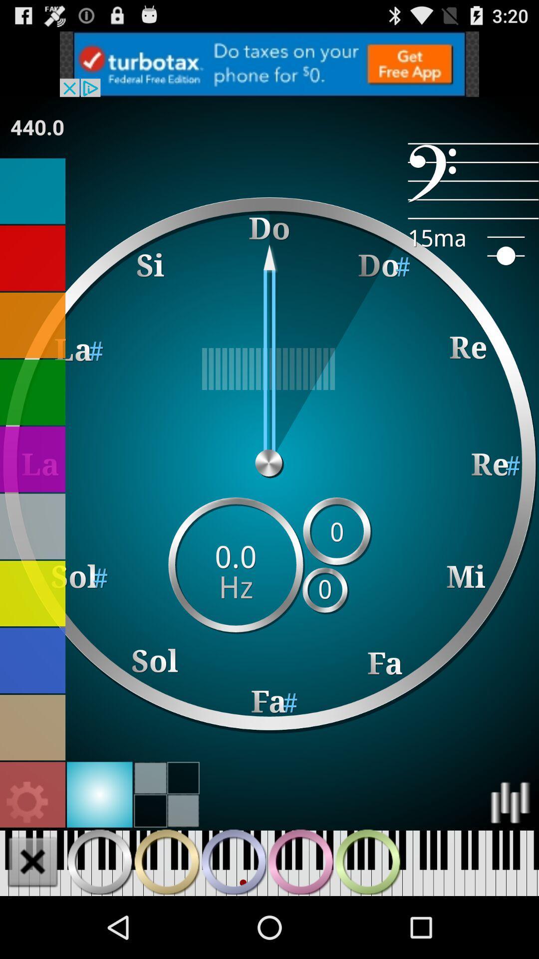  I want to click on choose light blue background theme, so click(99, 794).